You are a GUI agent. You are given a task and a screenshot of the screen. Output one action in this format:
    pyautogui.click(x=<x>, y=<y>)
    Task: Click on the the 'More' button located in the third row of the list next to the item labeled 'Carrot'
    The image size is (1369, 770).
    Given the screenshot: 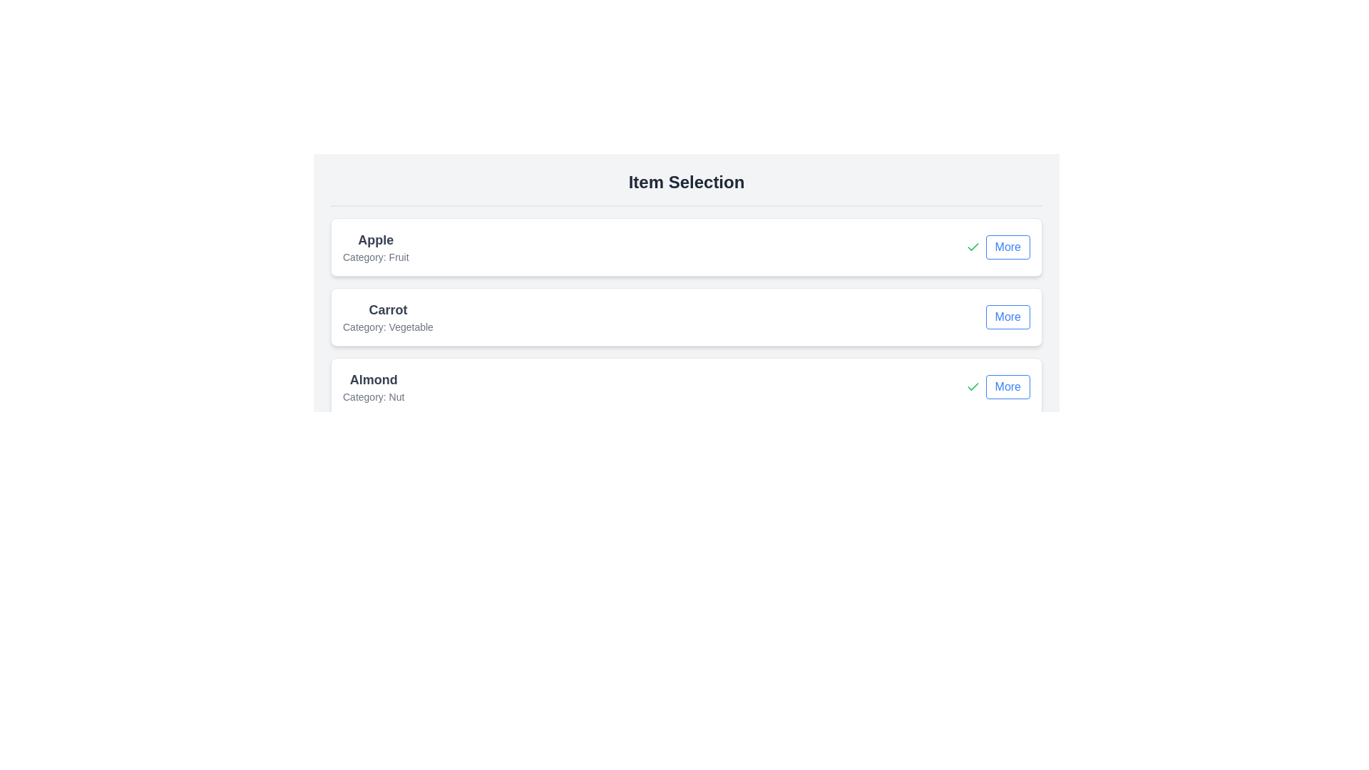 What is the action you would take?
    pyautogui.click(x=1007, y=316)
    